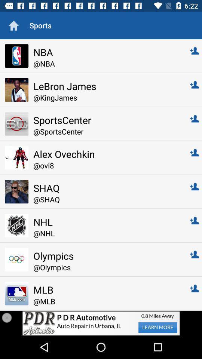 This screenshot has height=359, width=202. What do you see at coordinates (106, 165) in the screenshot?
I see `the @ovi8 item` at bounding box center [106, 165].